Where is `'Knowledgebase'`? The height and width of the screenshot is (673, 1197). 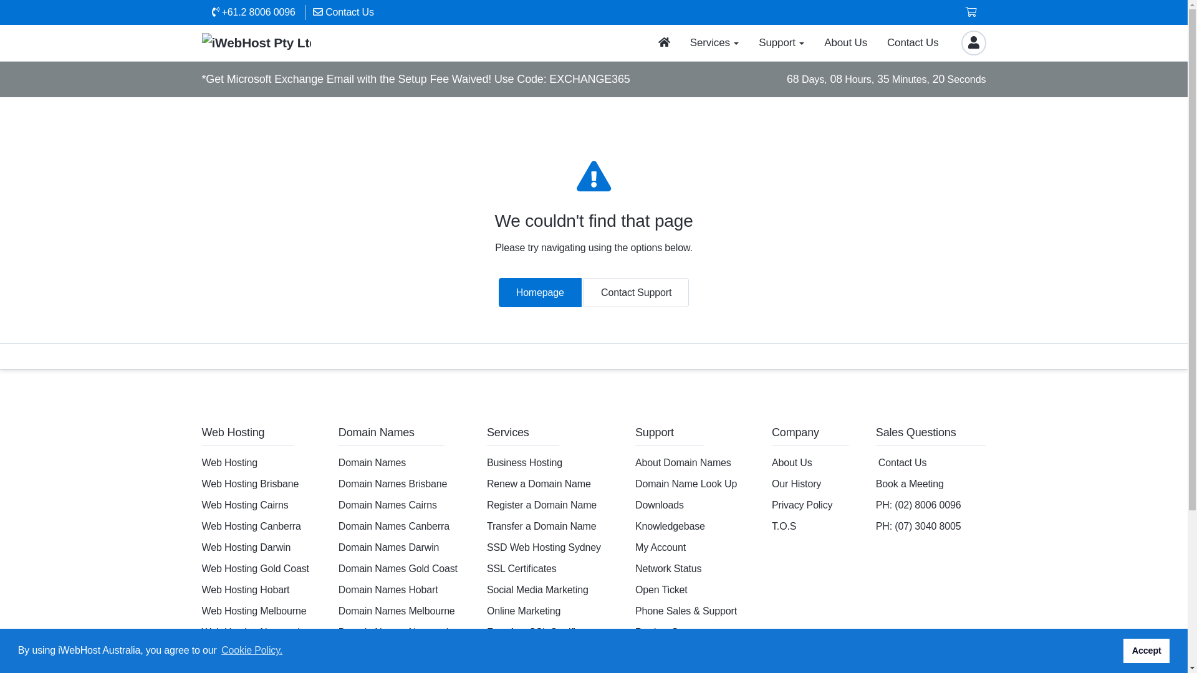
'Knowledgebase' is located at coordinates (670, 526).